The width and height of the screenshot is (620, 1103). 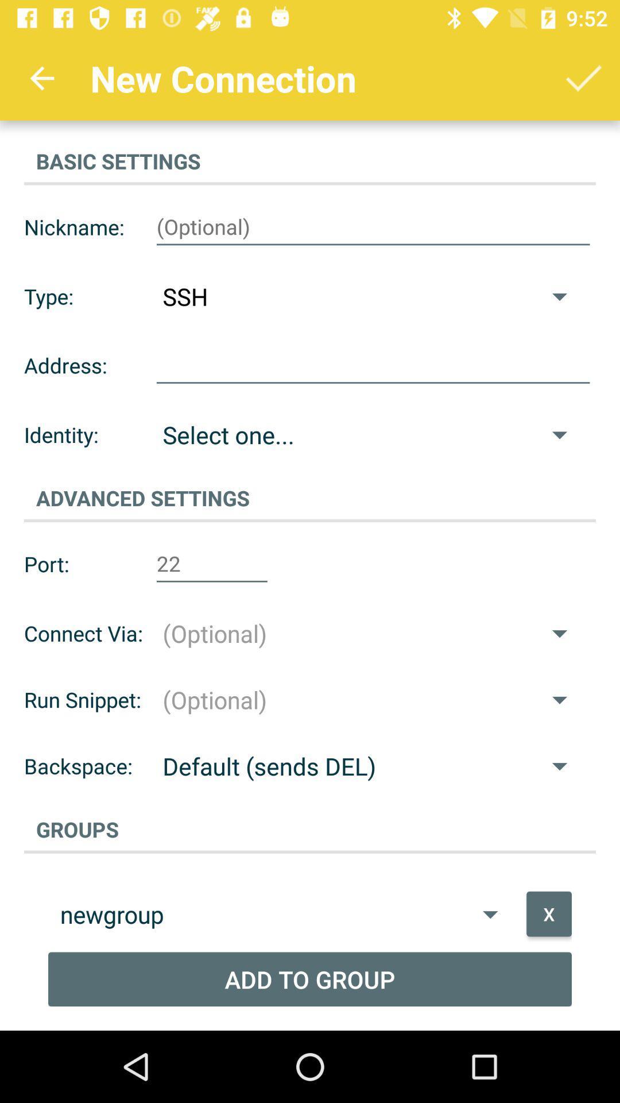 What do you see at coordinates (373, 227) in the screenshot?
I see `writting to the name in box` at bounding box center [373, 227].